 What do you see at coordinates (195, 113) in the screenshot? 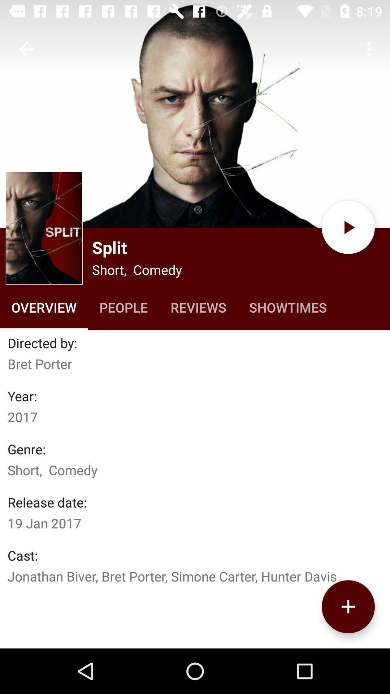
I see `movie photo` at bounding box center [195, 113].